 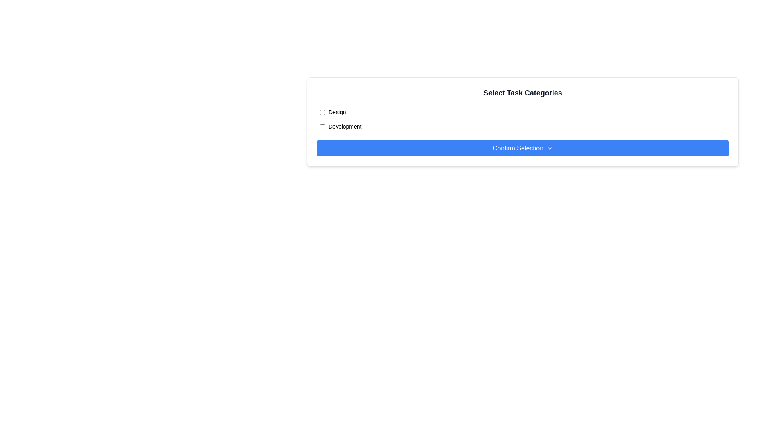 What do you see at coordinates (322, 126) in the screenshot?
I see `the checkbox for the 'Development' option` at bounding box center [322, 126].